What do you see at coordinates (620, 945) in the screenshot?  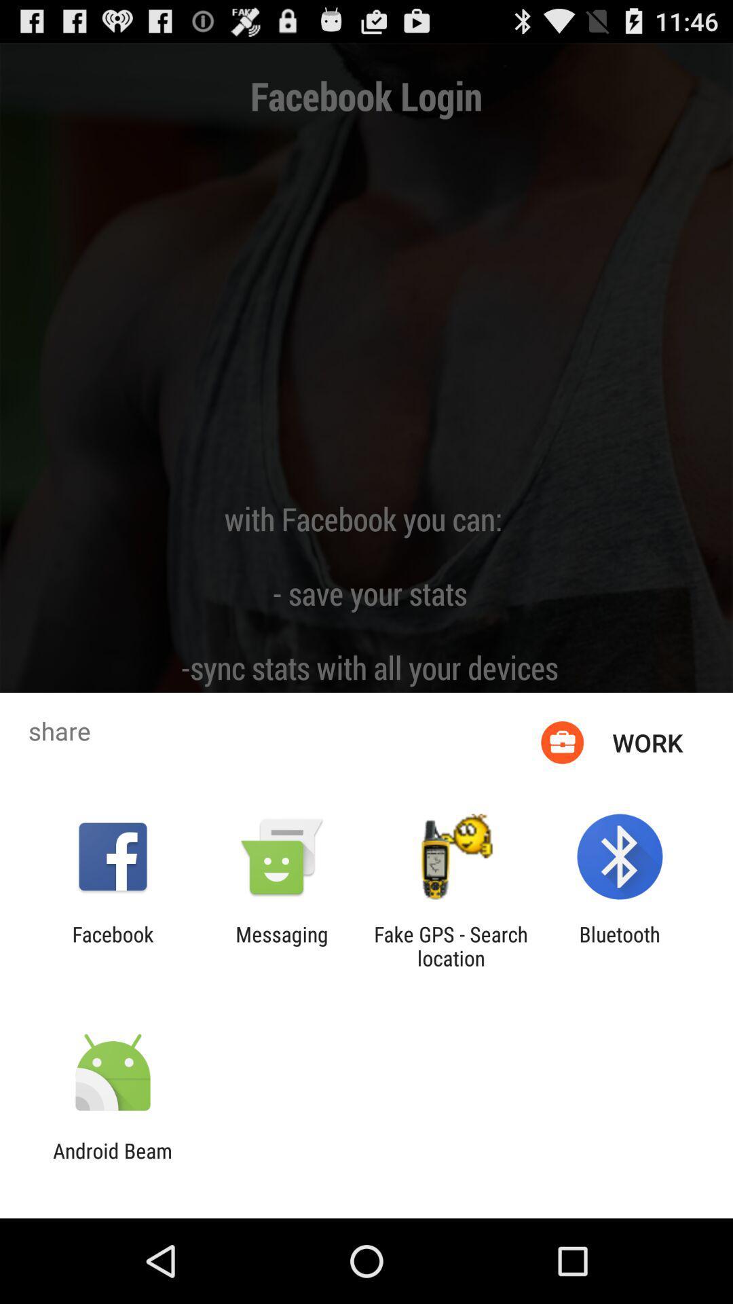 I see `the bluetooth at the bottom right corner` at bounding box center [620, 945].